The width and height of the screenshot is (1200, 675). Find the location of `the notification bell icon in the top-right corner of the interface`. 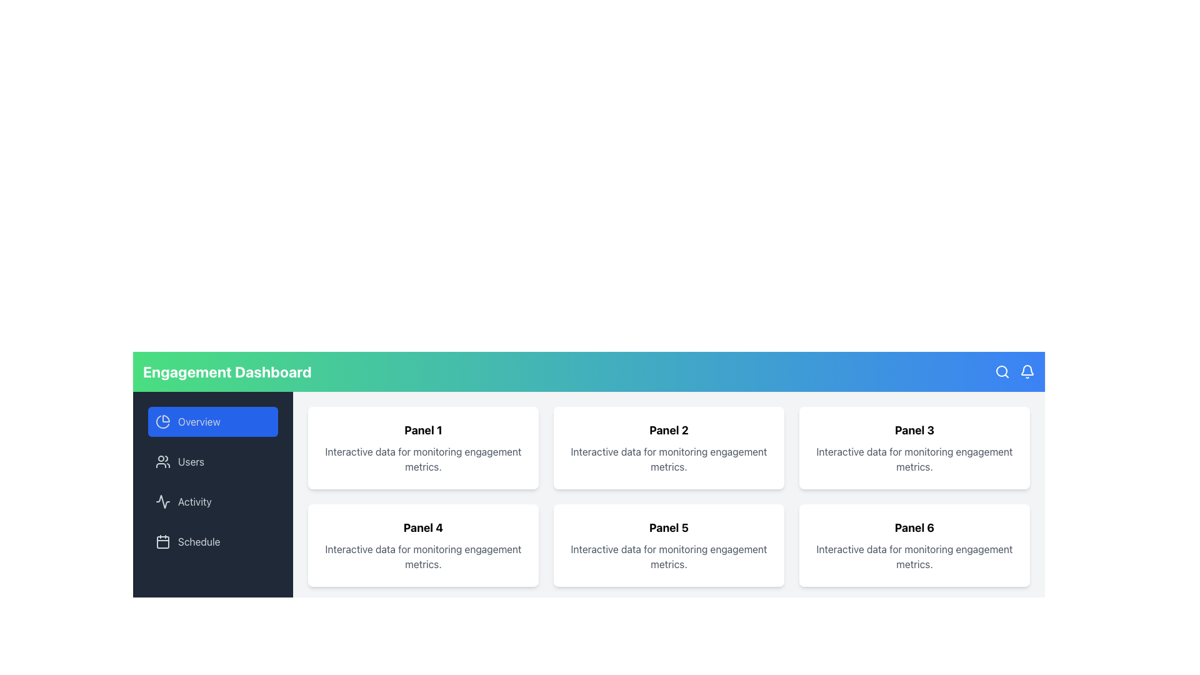

the notification bell icon in the top-right corner of the interface is located at coordinates (1027, 371).